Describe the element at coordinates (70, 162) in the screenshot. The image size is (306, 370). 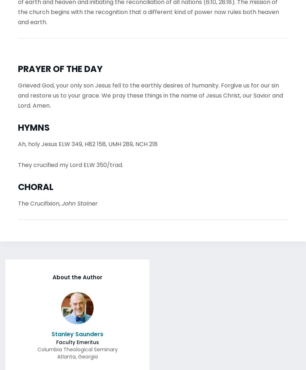
I see `'They crucified my Lord ELW 350/trad.'` at that location.